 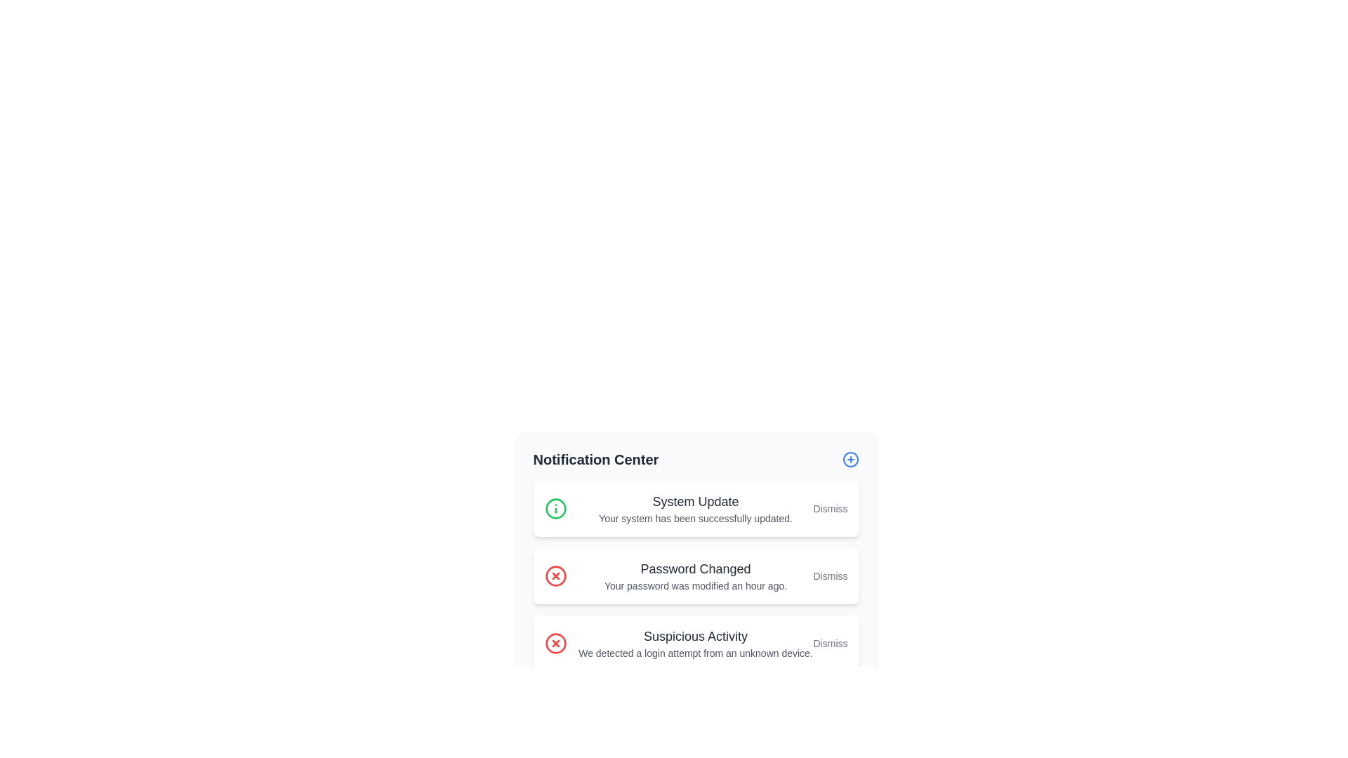 I want to click on the 'Suspicious Activity' text label, which is styled in a larger bold font and appears in dark gray color within the third notification card in the Notification Center, so click(x=695, y=636).